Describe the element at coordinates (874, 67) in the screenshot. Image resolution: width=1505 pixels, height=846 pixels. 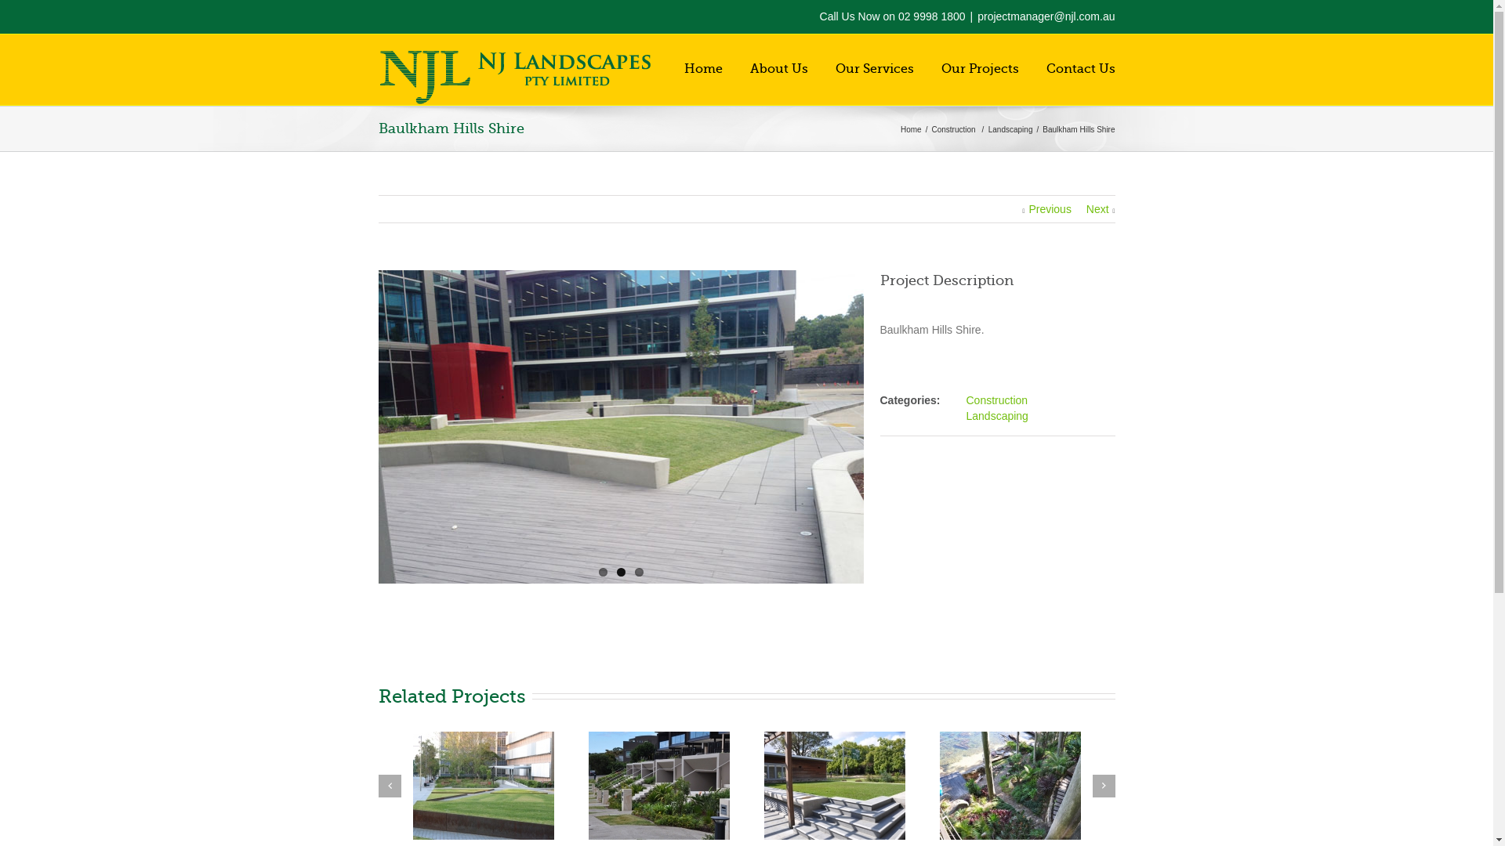
I see `'Our Services'` at that location.